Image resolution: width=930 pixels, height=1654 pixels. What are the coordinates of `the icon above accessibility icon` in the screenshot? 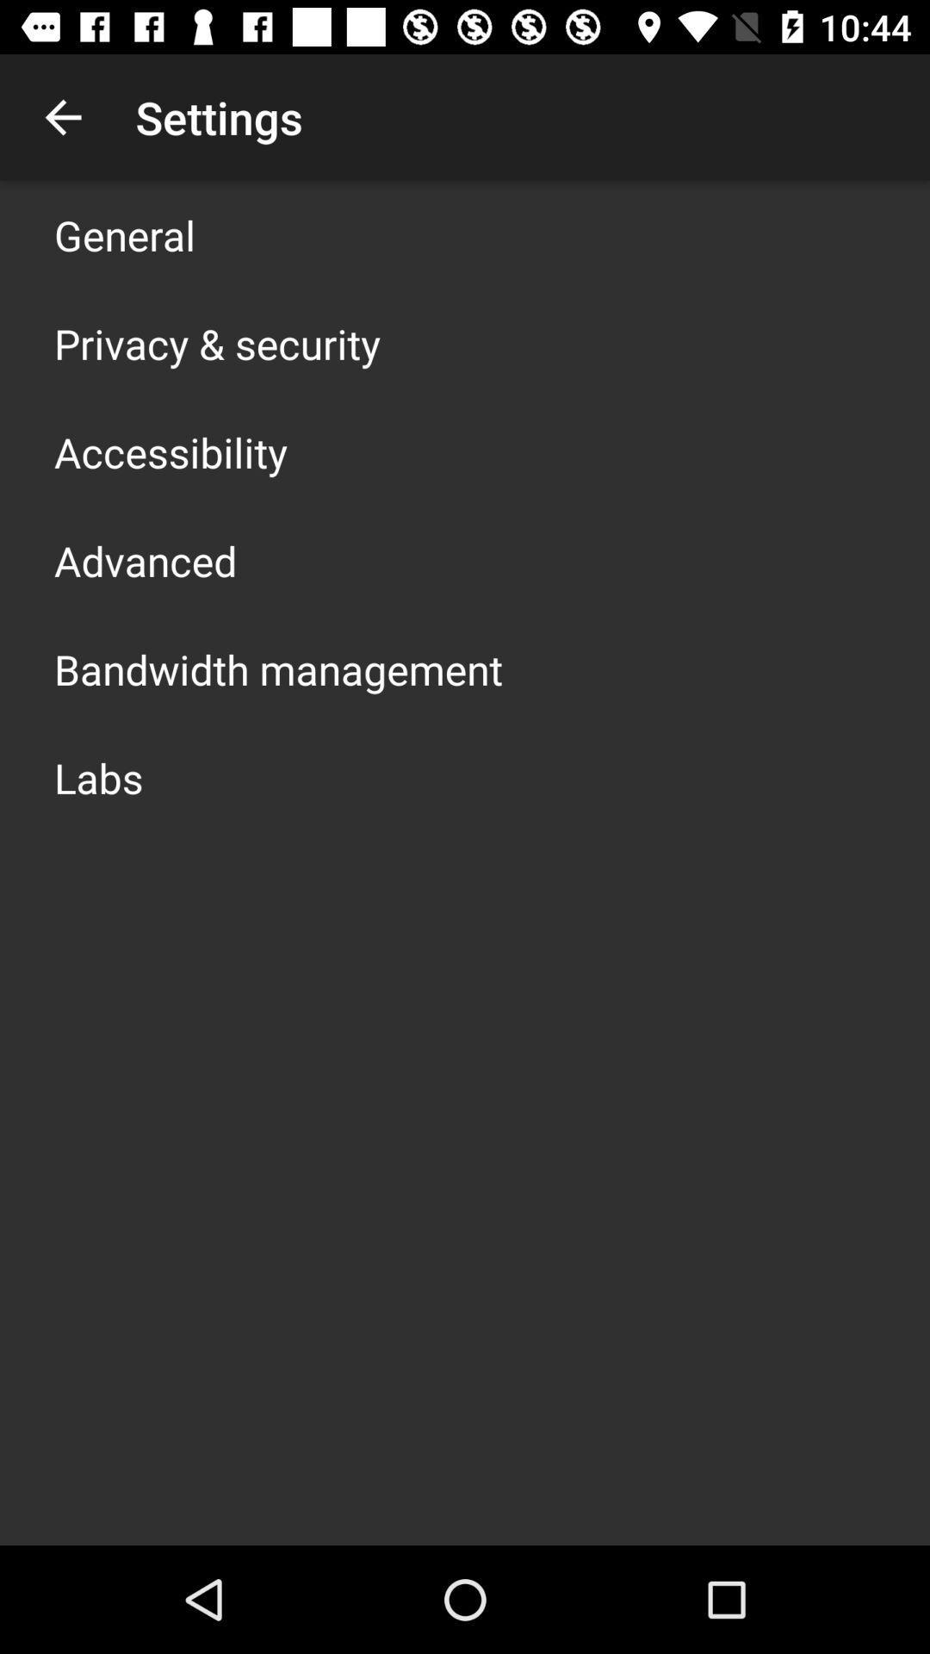 It's located at (216, 343).